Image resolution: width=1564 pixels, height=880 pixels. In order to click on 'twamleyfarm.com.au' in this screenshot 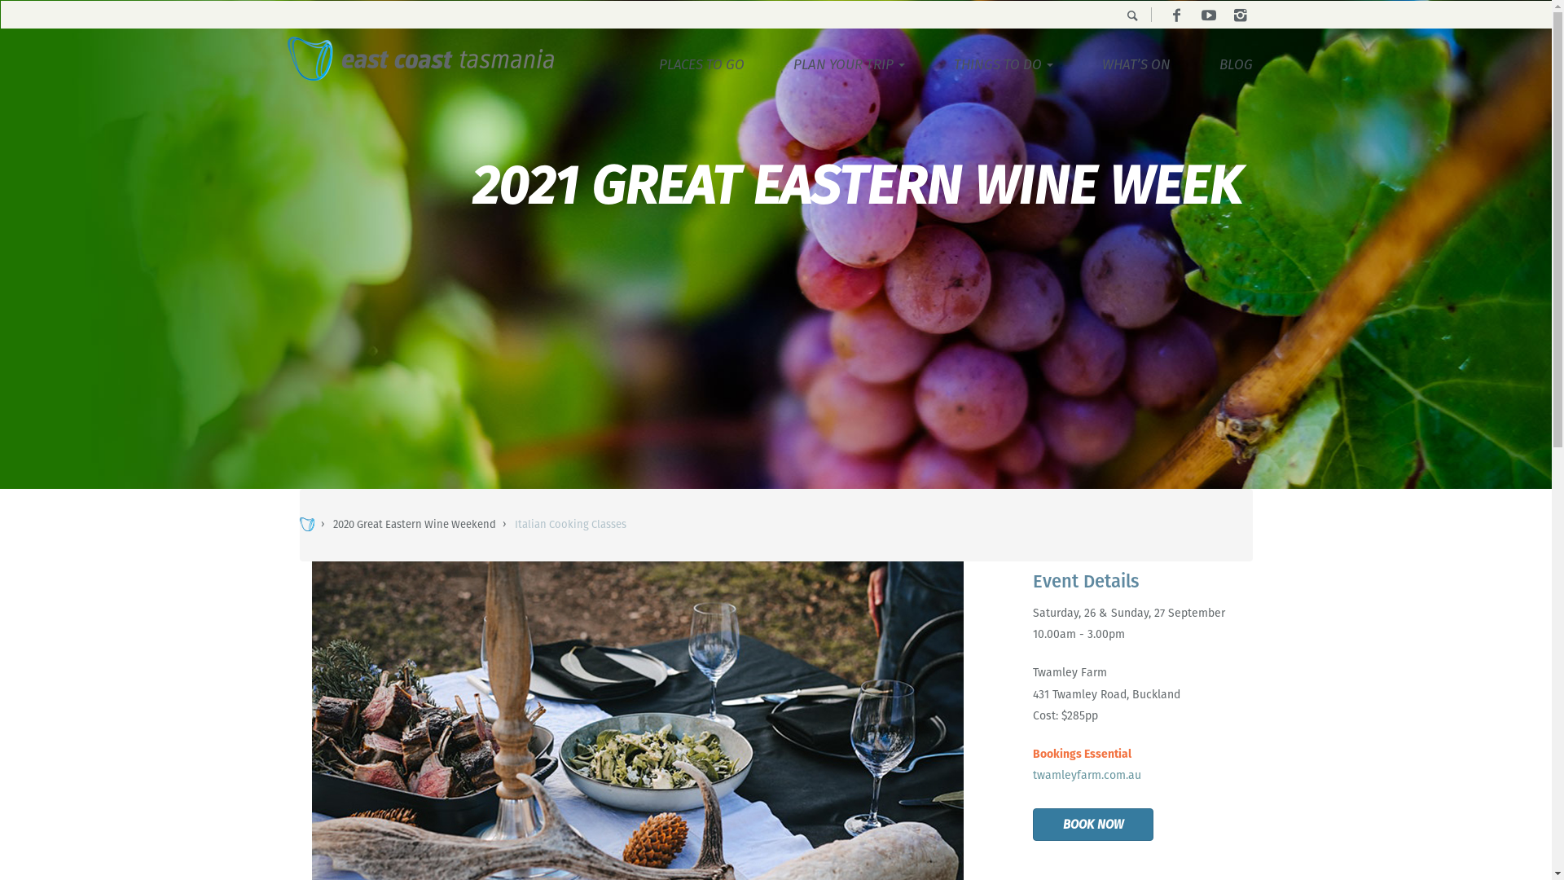, I will do `click(1087, 774)`.